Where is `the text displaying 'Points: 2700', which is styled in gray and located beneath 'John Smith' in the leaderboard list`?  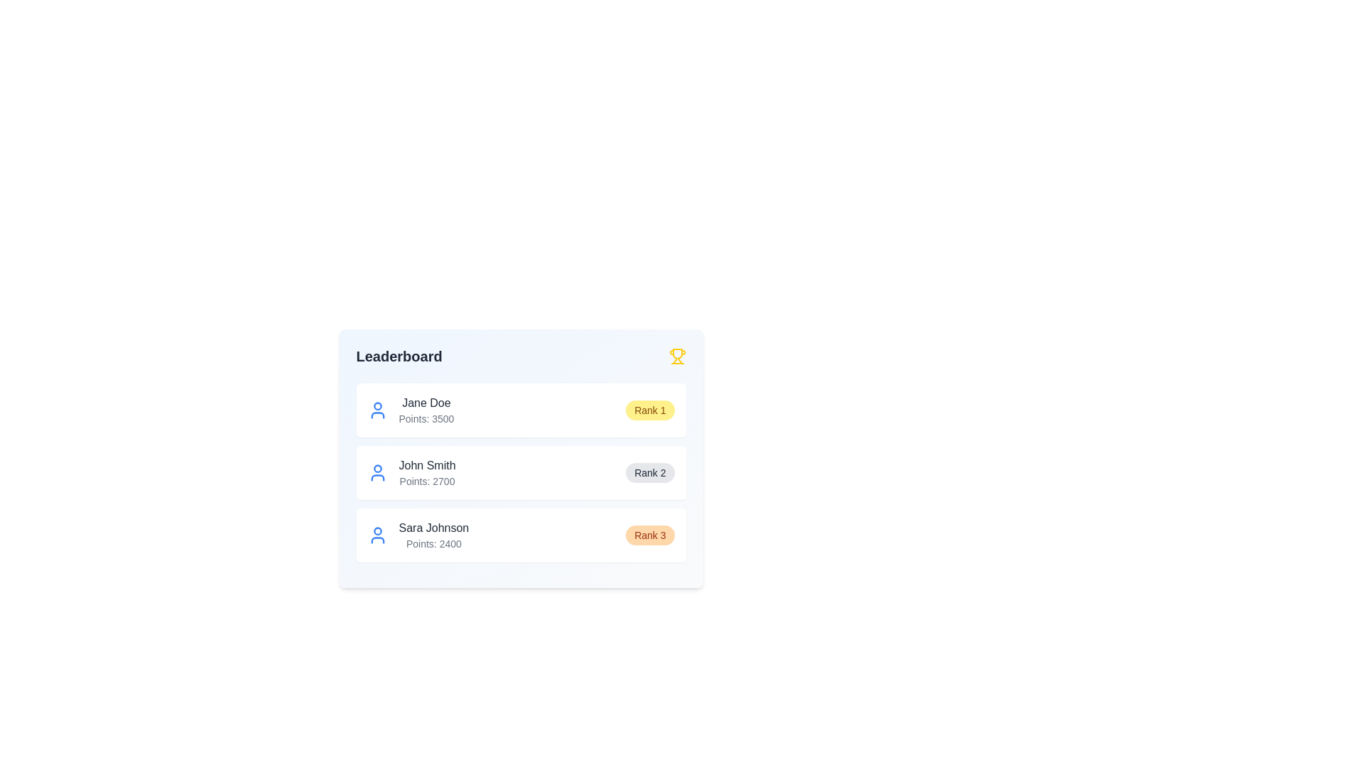
the text displaying 'Points: 2700', which is styled in gray and located beneath 'John Smith' in the leaderboard list is located at coordinates (426, 481).